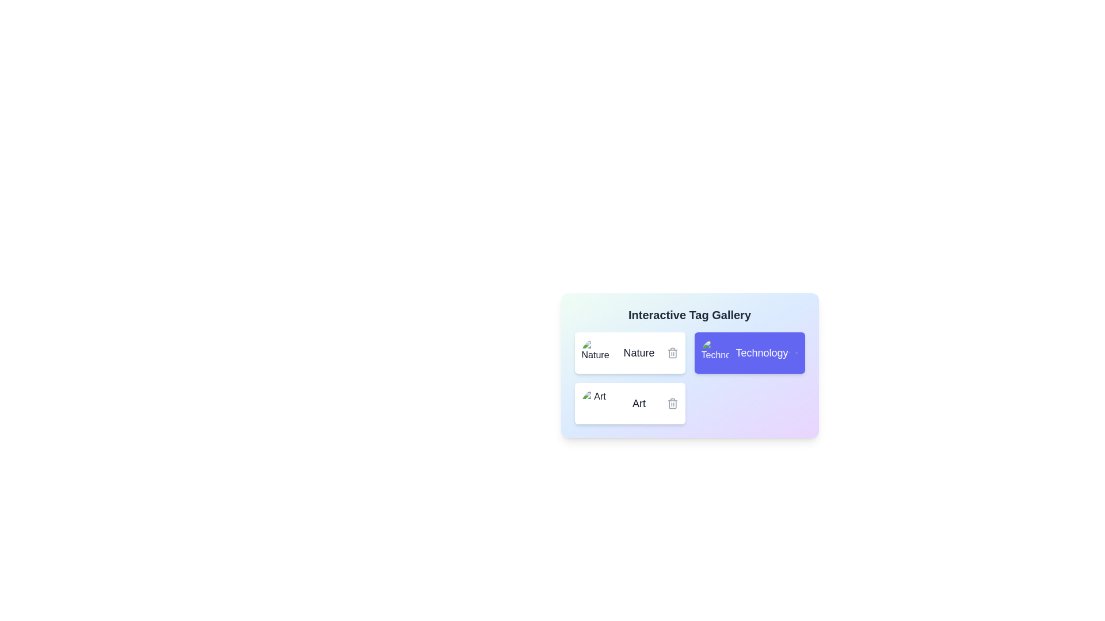 The width and height of the screenshot is (1105, 621). What do you see at coordinates (749, 352) in the screenshot?
I see `the tag with name Technology` at bounding box center [749, 352].